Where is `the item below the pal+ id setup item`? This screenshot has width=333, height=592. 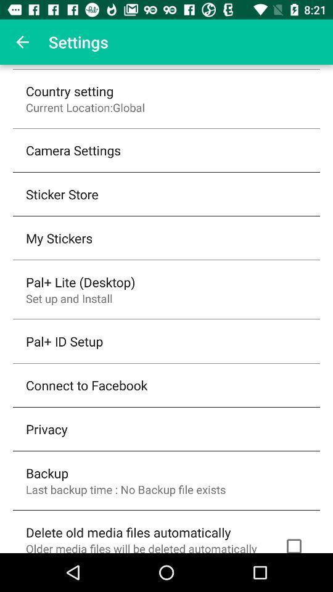 the item below the pal+ id setup item is located at coordinates (86, 384).